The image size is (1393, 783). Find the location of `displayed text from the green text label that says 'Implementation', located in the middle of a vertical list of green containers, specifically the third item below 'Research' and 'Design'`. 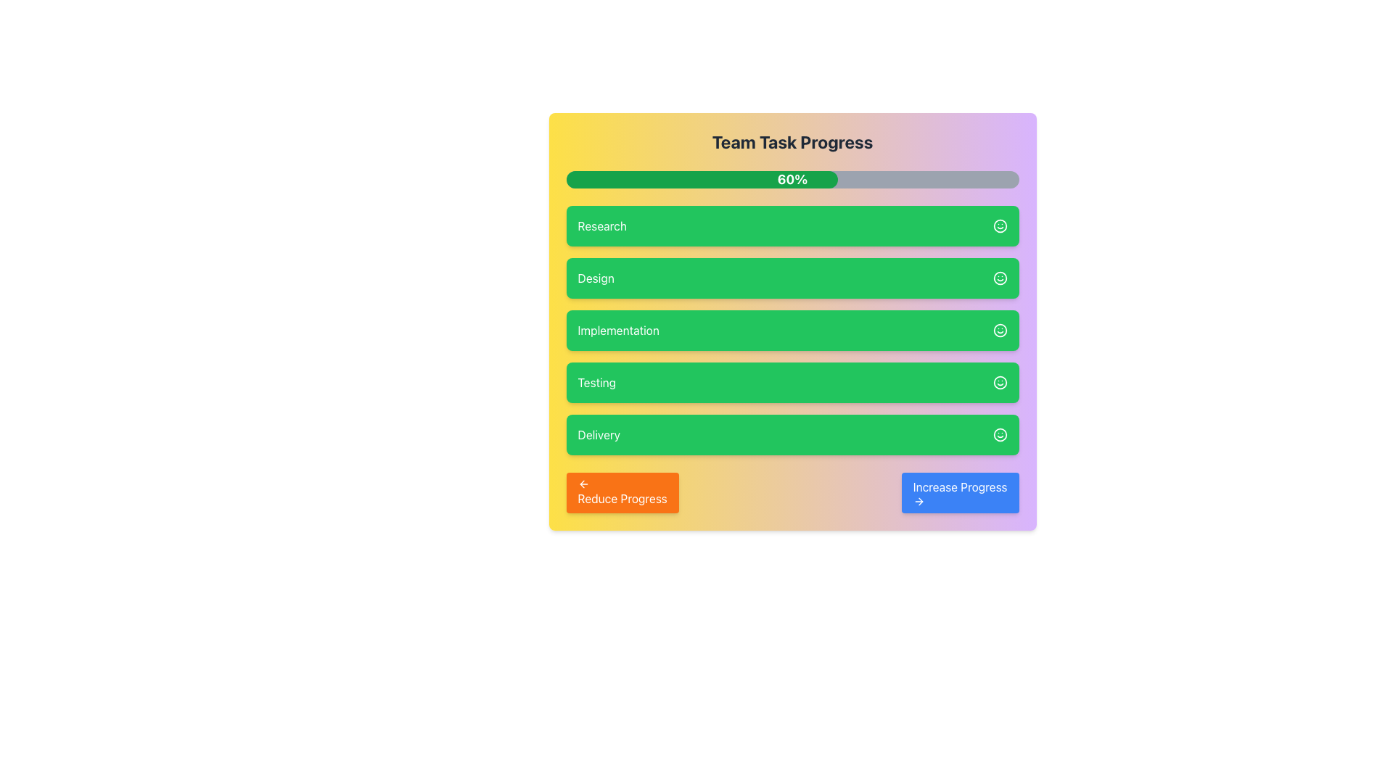

displayed text from the green text label that says 'Implementation', located in the middle of a vertical list of green containers, specifically the third item below 'Research' and 'Design' is located at coordinates (618, 330).